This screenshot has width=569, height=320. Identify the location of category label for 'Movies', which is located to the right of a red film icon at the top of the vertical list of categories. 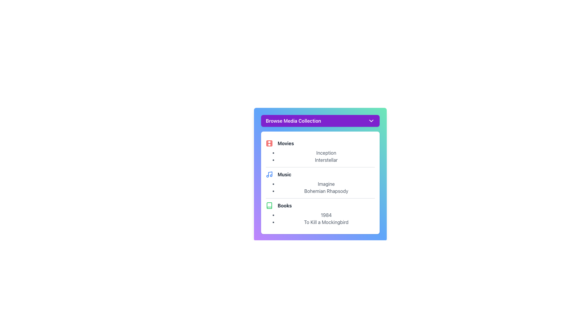
(286, 143).